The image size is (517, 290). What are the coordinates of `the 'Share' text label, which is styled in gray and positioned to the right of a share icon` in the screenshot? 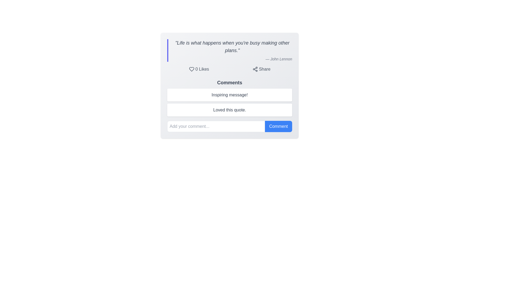 It's located at (265, 69).